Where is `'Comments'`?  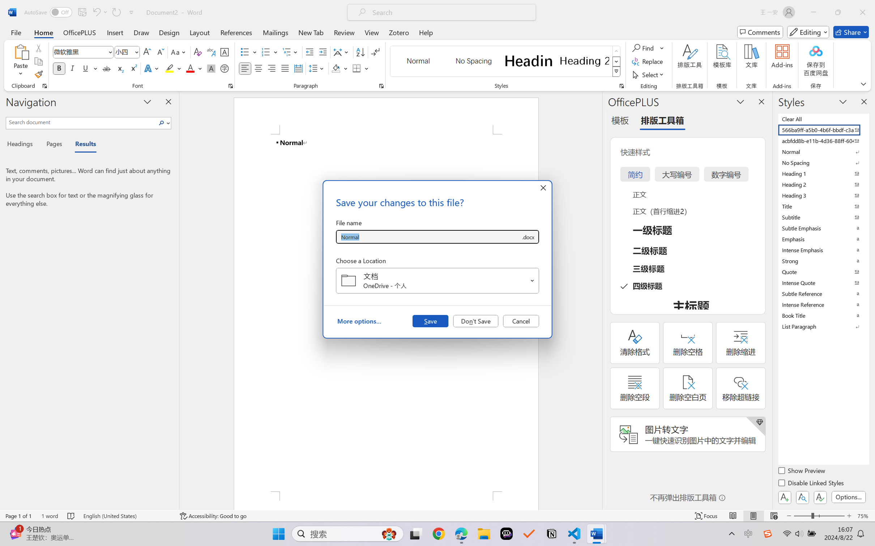
'Comments' is located at coordinates (760, 32).